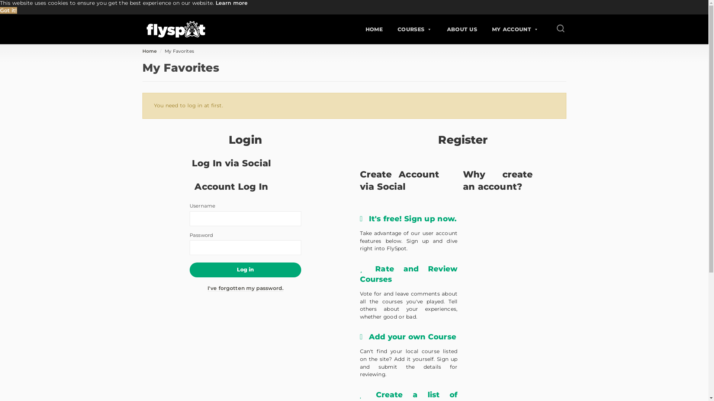 This screenshot has width=714, height=401. I want to click on 'HOME', so click(373, 29).